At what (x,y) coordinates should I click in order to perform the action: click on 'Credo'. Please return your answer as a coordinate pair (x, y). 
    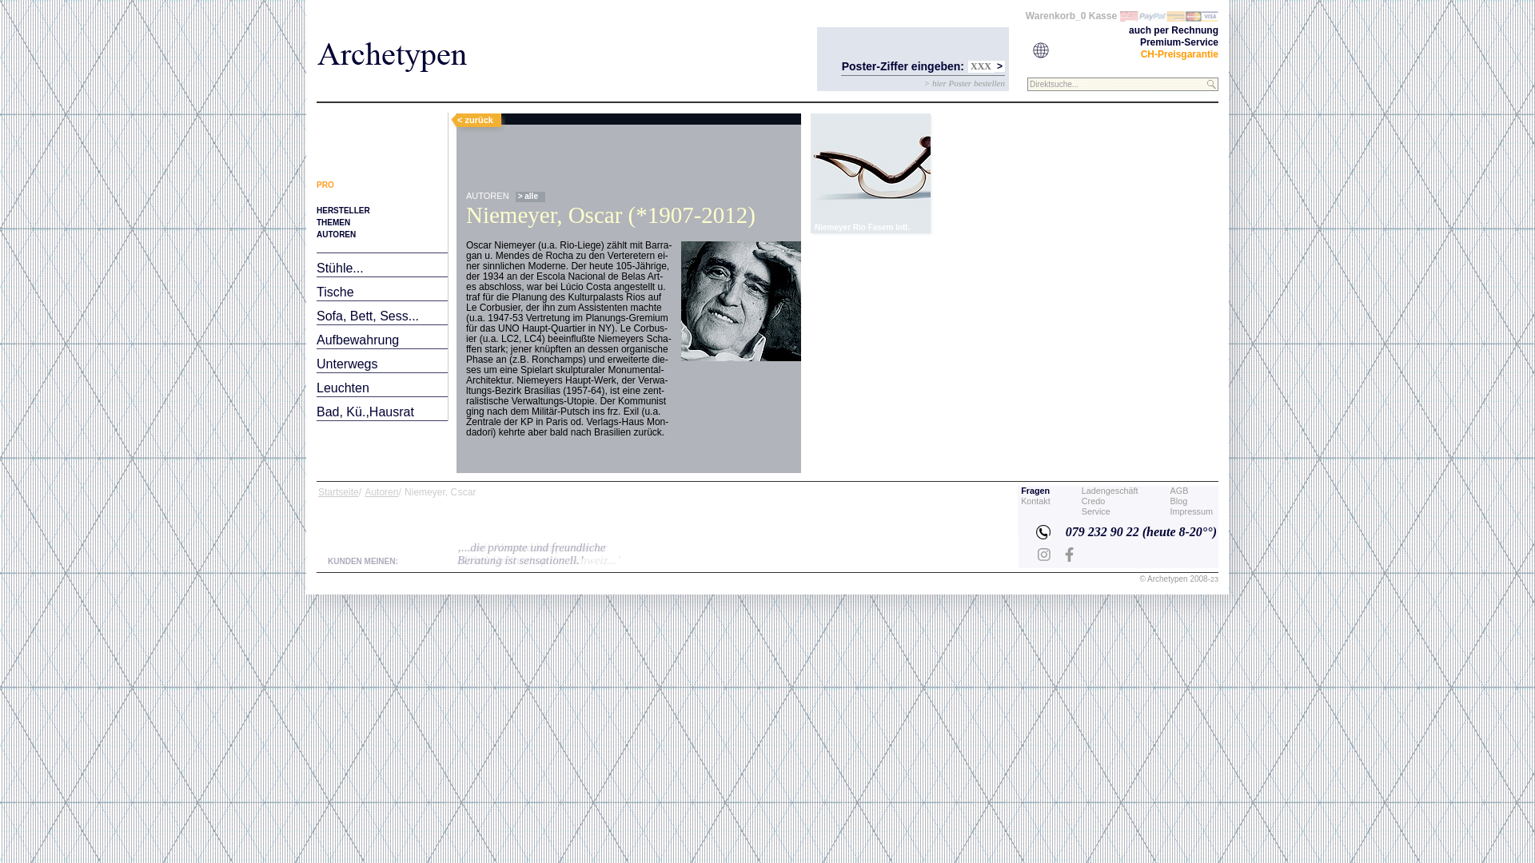
    Looking at the image, I should click on (1082, 500).